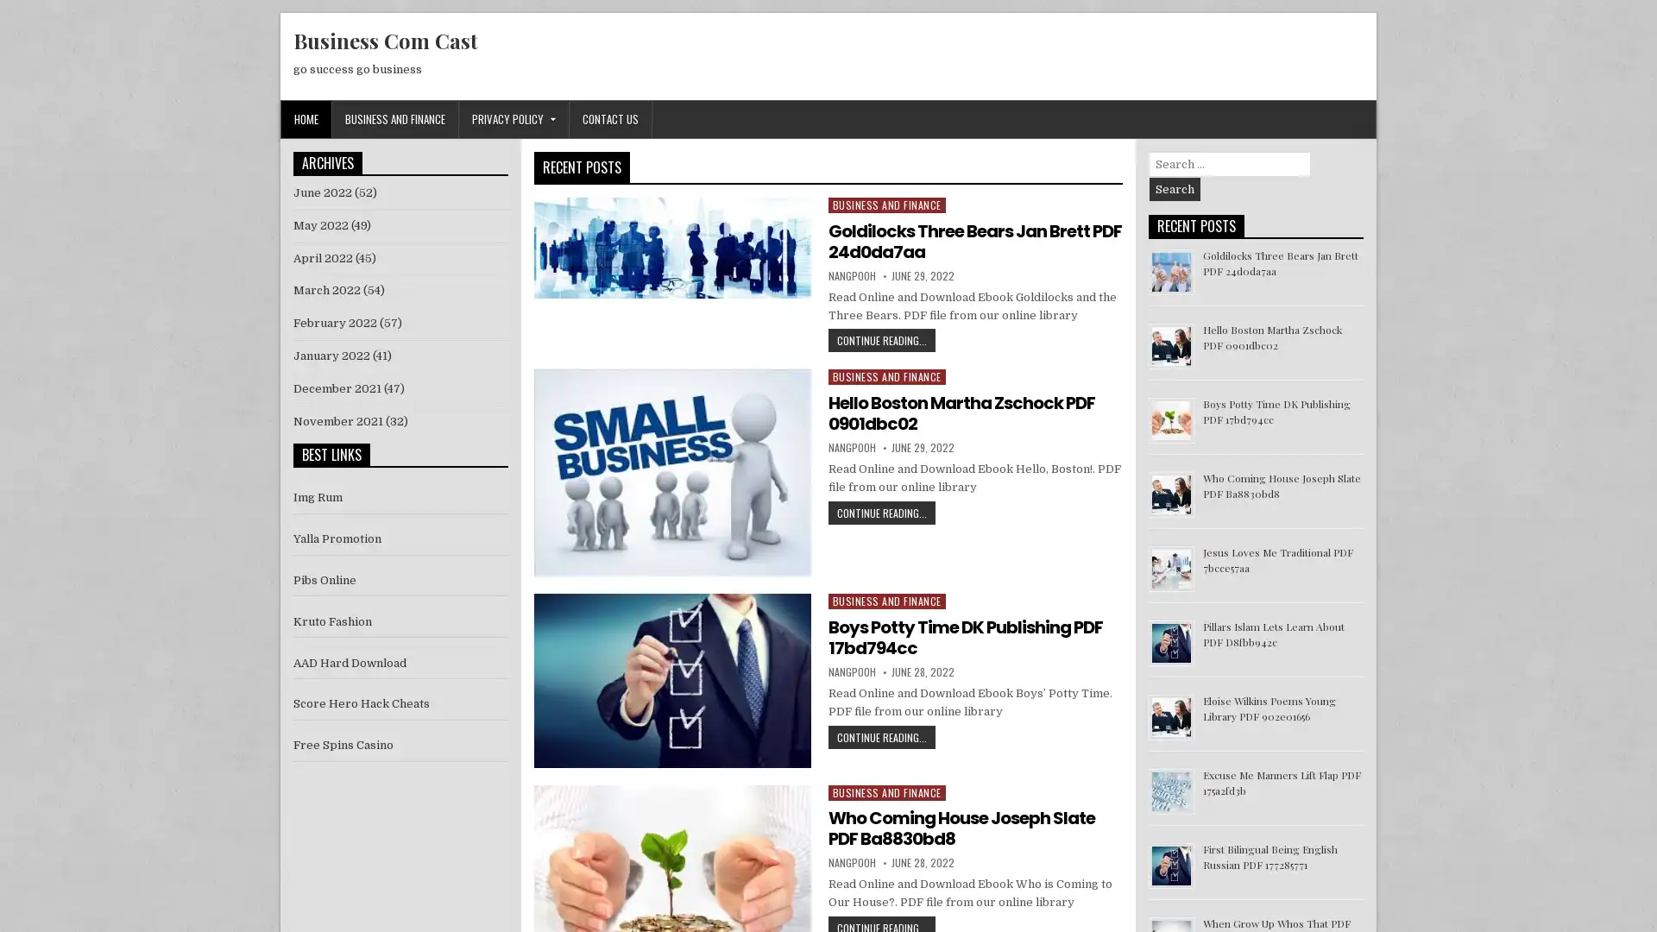  I want to click on Search, so click(1174, 189).